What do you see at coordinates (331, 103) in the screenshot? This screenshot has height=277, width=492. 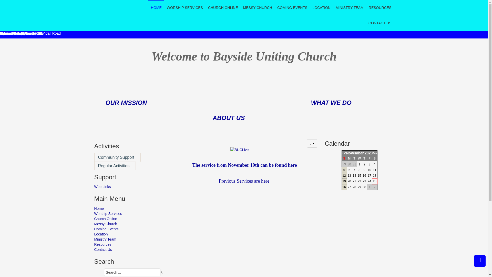 I see `'WHAT WE DO'` at bounding box center [331, 103].